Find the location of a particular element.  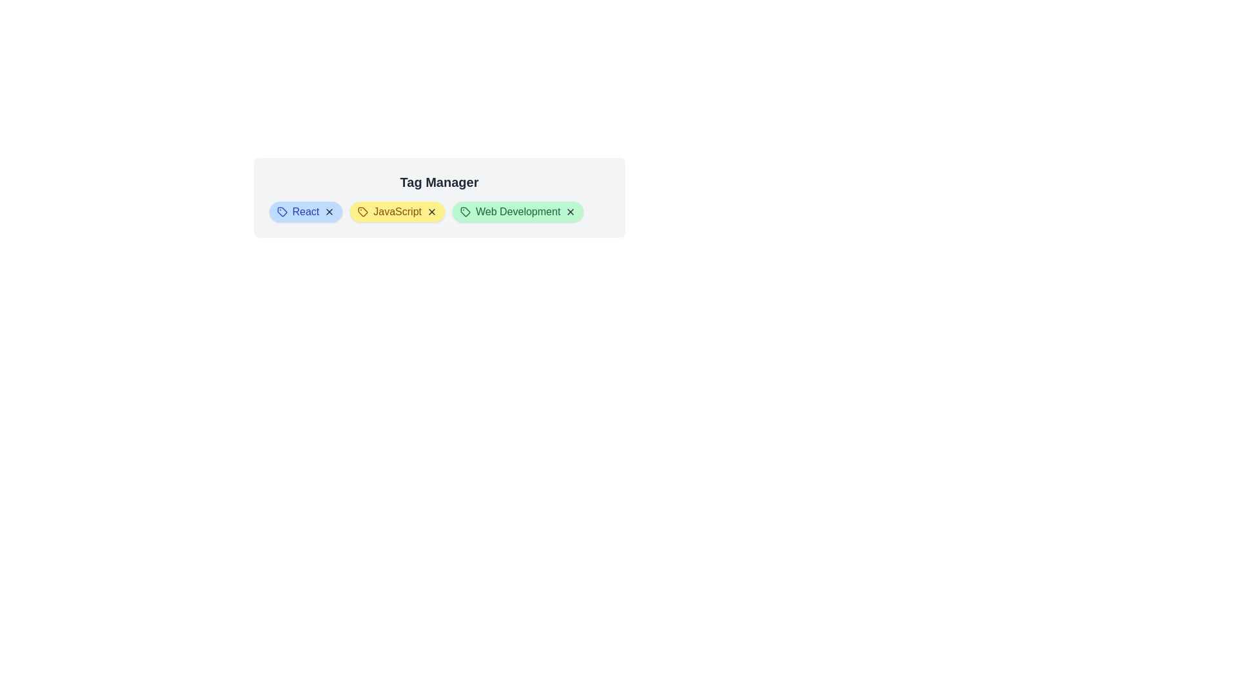

the close button of the tag labeled React is located at coordinates (329, 211).